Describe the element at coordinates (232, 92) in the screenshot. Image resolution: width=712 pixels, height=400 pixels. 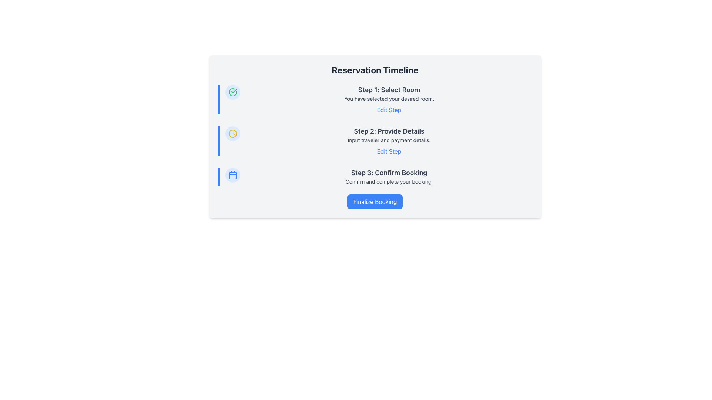
I see `the circular Indicator Icon with a light blue background and a green checkmark symbol, located adjacent to 'Step 1: Select Room'` at that location.